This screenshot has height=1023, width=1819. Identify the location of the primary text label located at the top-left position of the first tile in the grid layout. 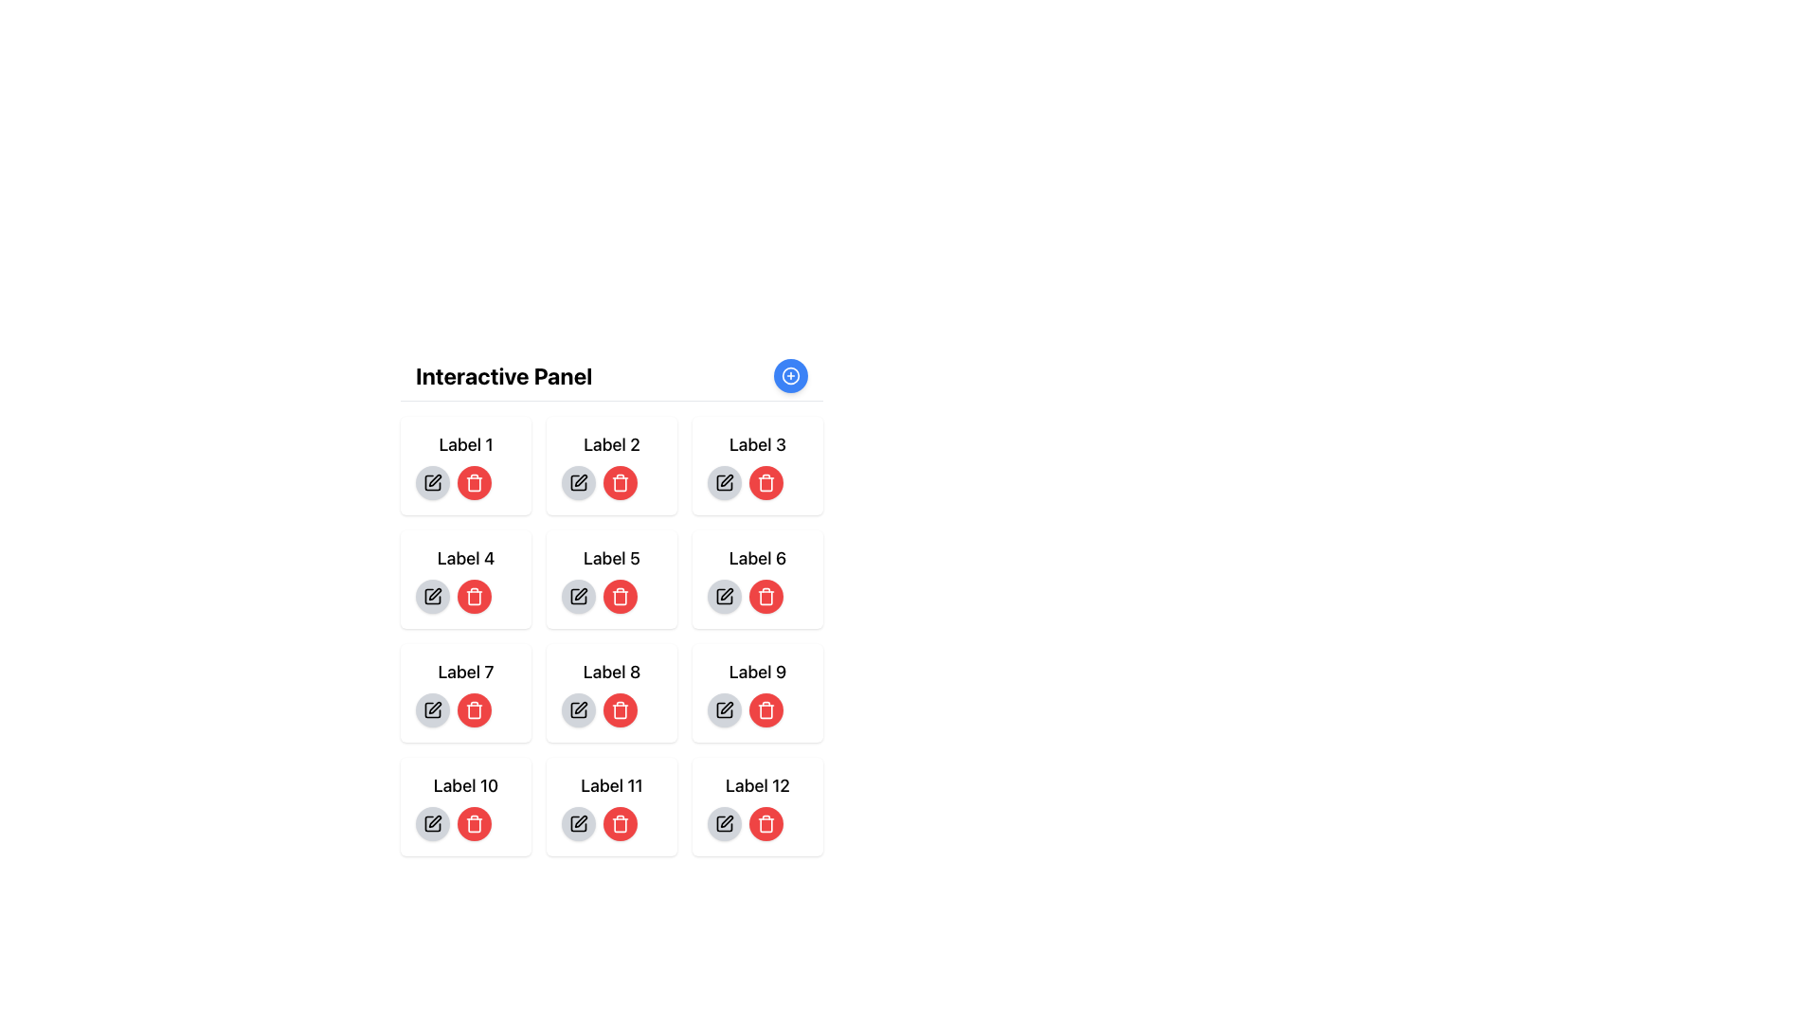
(465, 445).